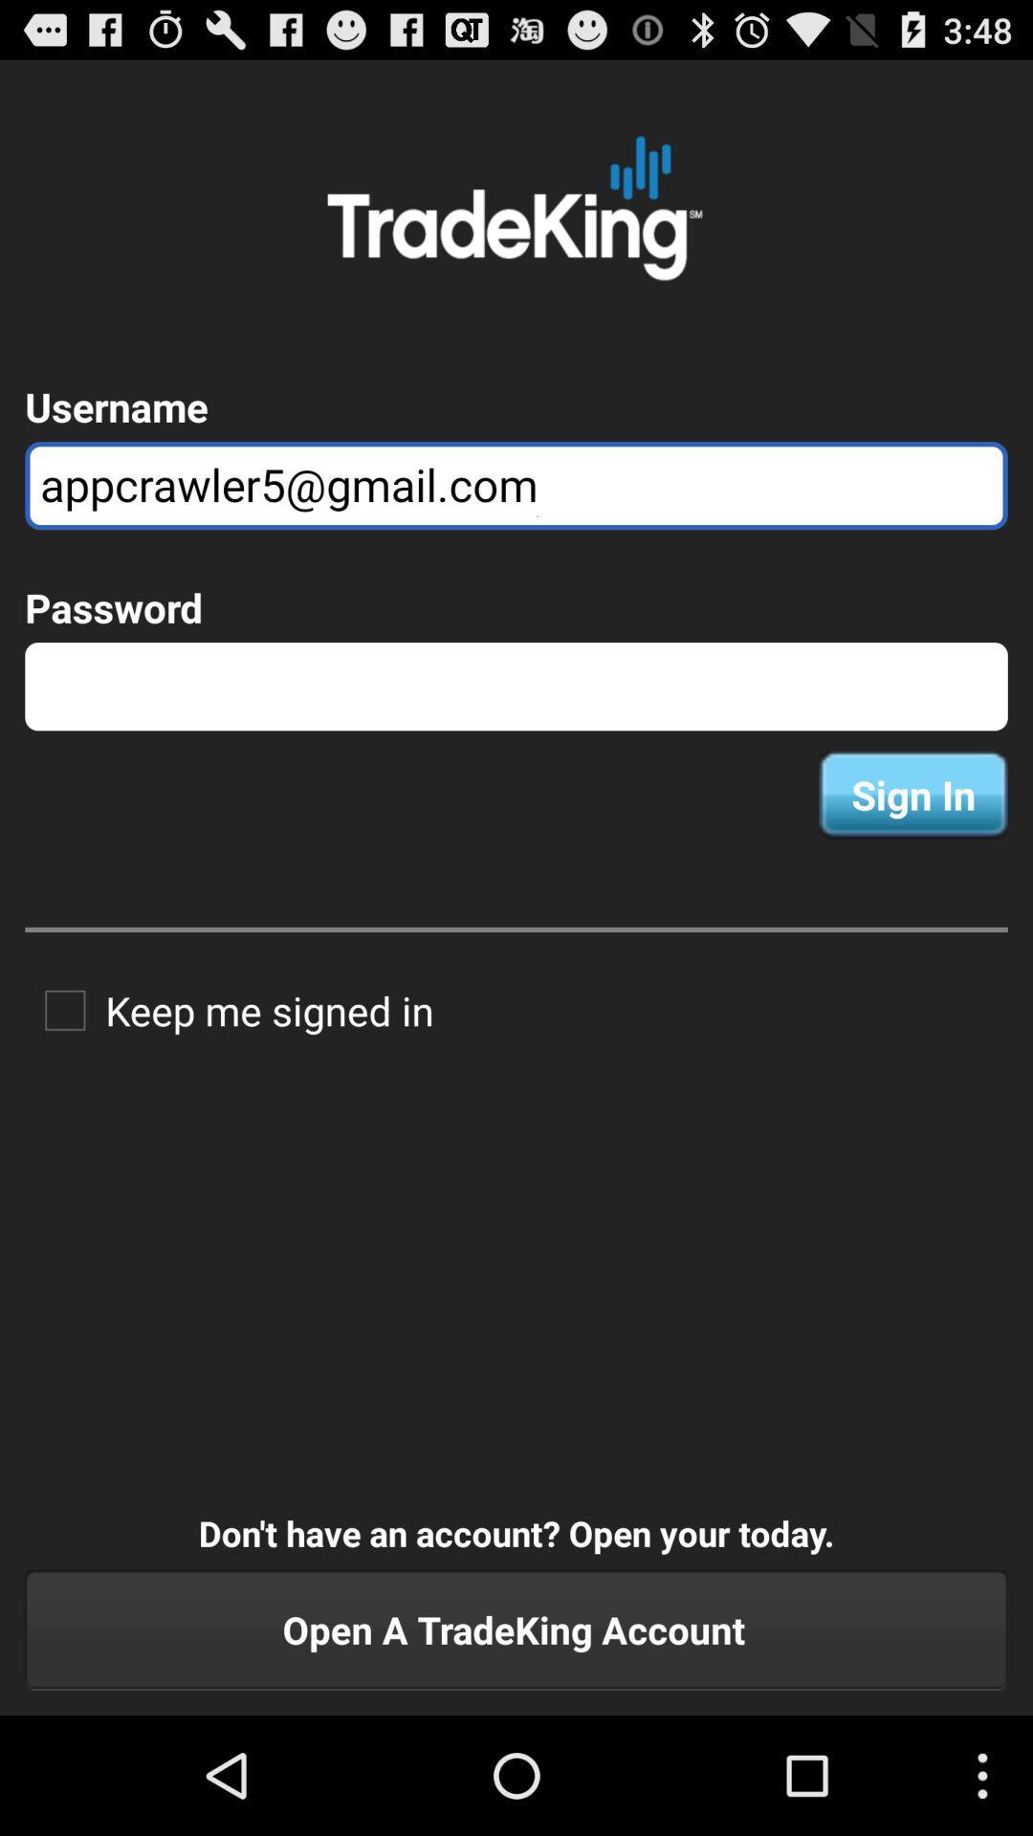 The height and width of the screenshot is (1836, 1033). I want to click on the item on the left, so click(228, 1009).